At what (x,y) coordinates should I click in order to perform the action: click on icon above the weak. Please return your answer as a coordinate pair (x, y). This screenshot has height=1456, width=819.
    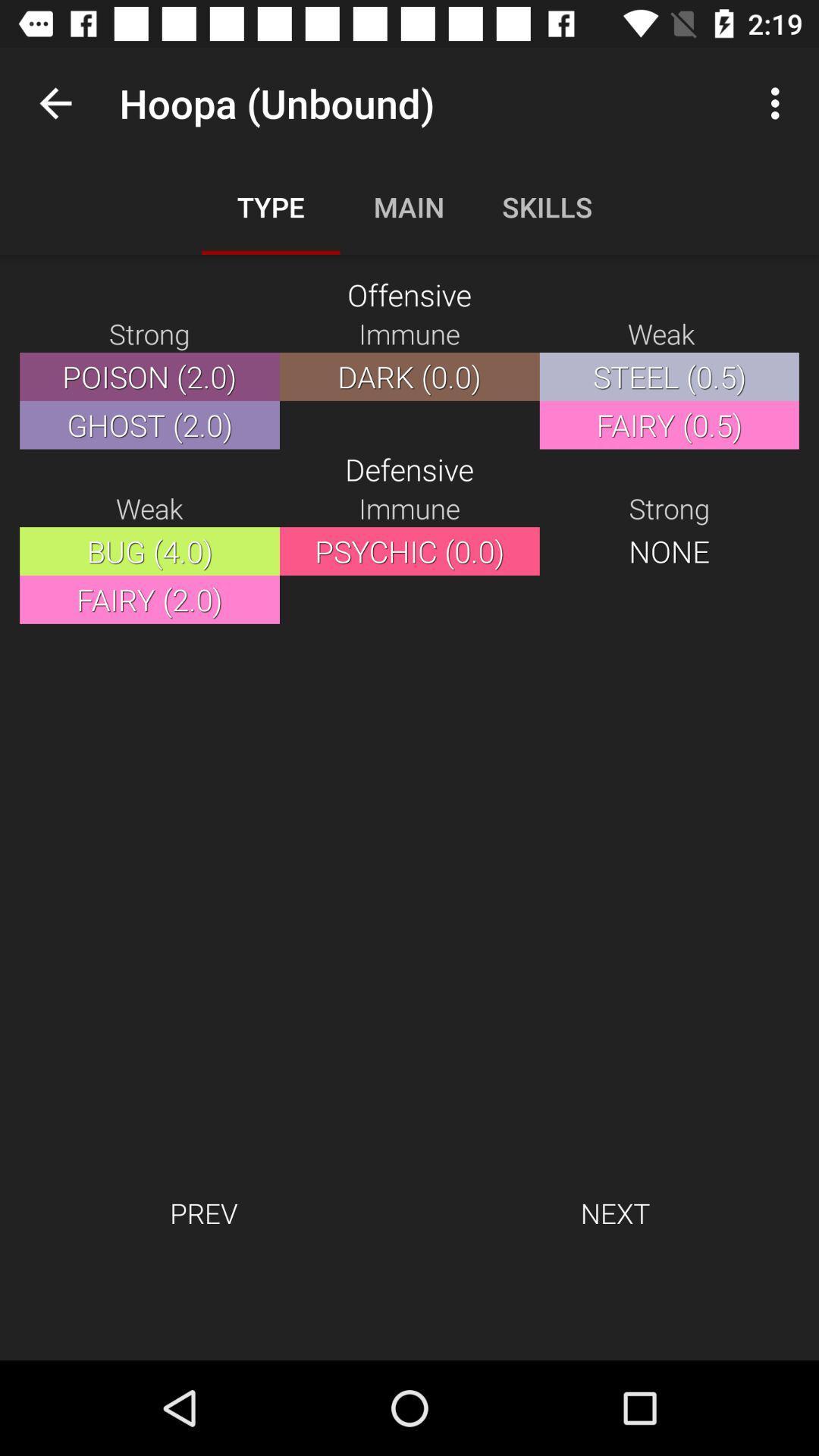
    Looking at the image, I should click on (779, 102).